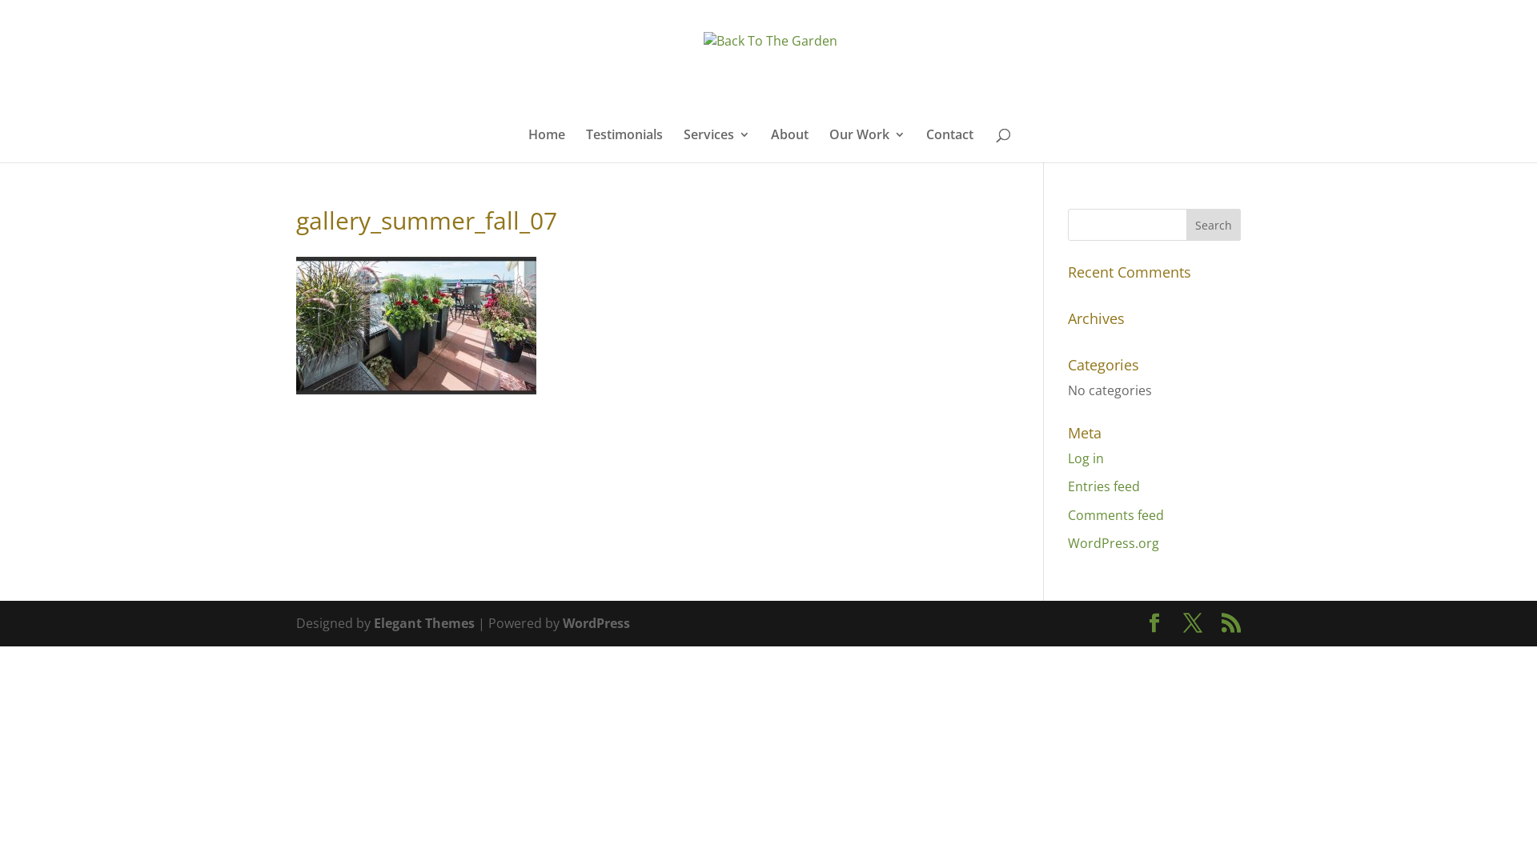 Image resolution: width=1537 pixels, height=864 pixels. I want to click on 'Elegant Themes', so click(372, 622).